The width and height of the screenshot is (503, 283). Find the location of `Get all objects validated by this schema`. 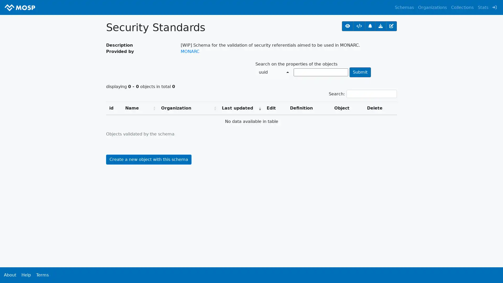

Get all objects validated by this schema is located at coordinates (381, 26).